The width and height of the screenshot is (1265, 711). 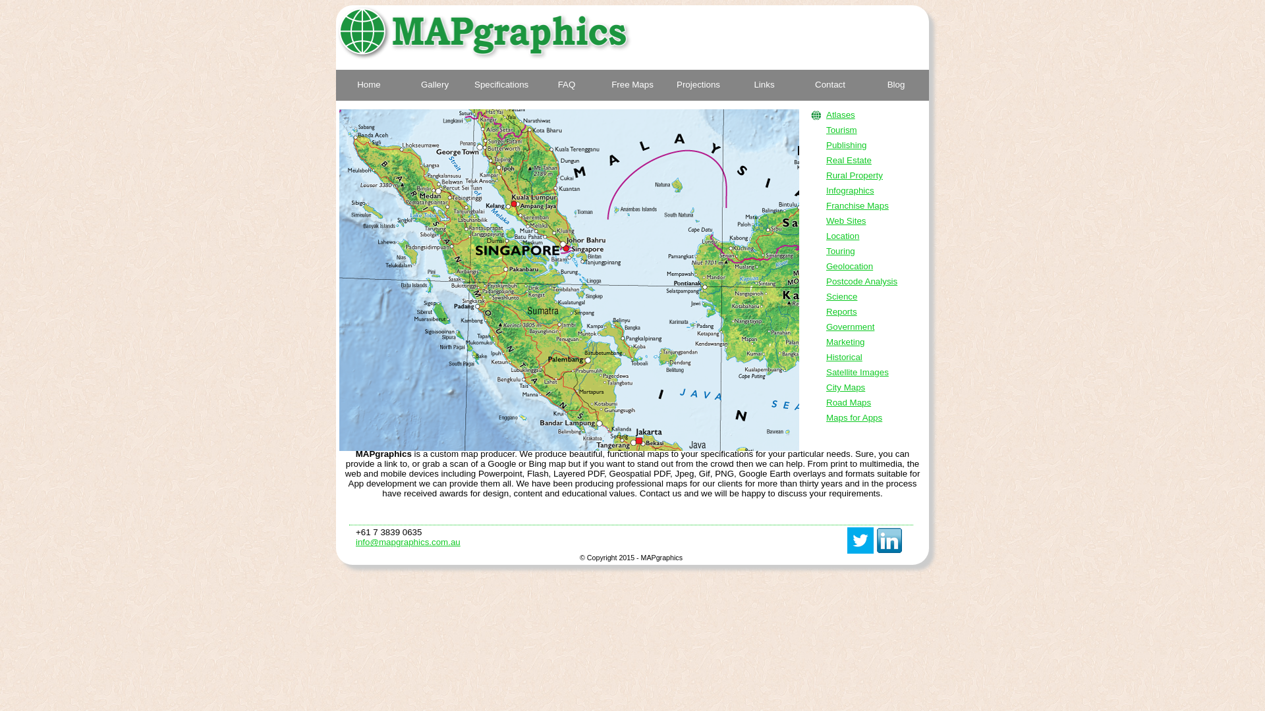 What do you see at coordinates (369, 85) in the screenshot?
I see `'Home'` at bounding box center [369, 85].